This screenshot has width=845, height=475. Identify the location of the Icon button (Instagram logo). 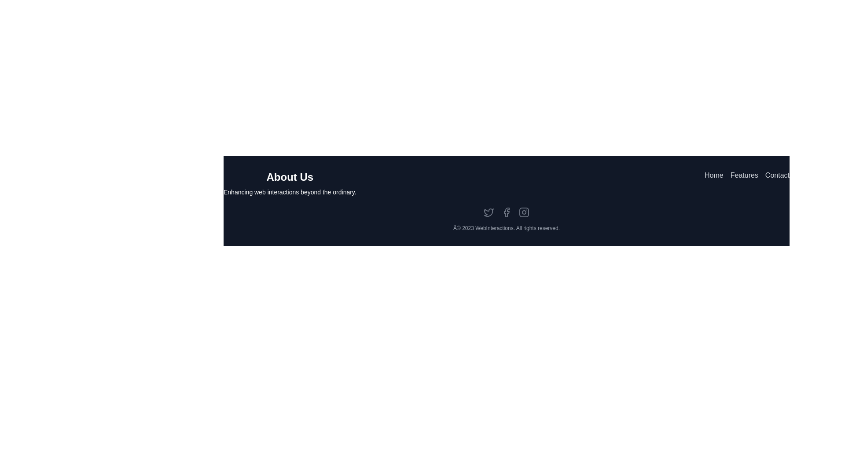
(524, 212).